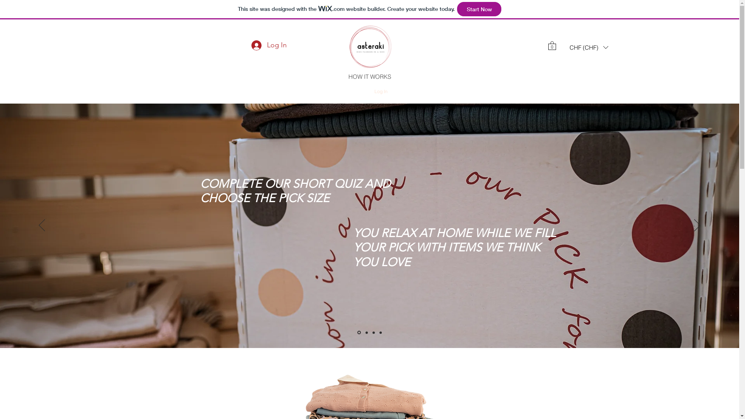 The height and width of the screenshot is (419, 745). What do you see at coordinates (269, 45) in the screenshot?
I see `'Log In'` at bounding box center [269, 45].